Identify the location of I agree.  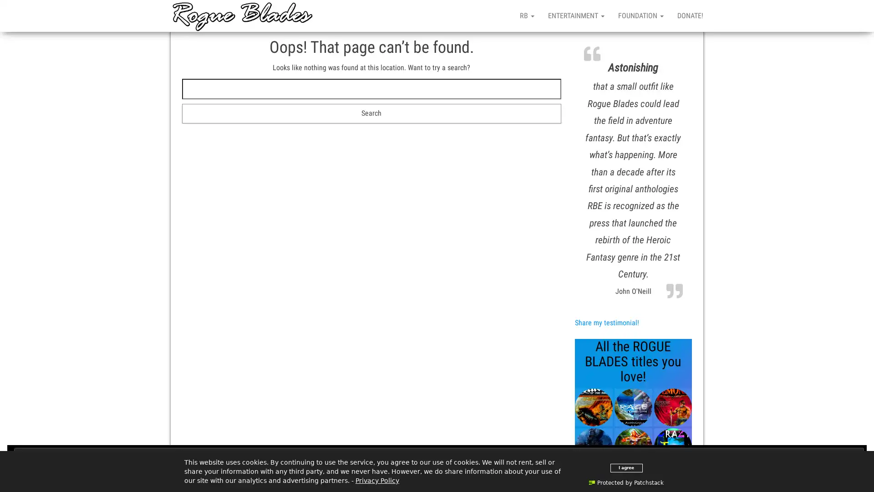
(625, 467).